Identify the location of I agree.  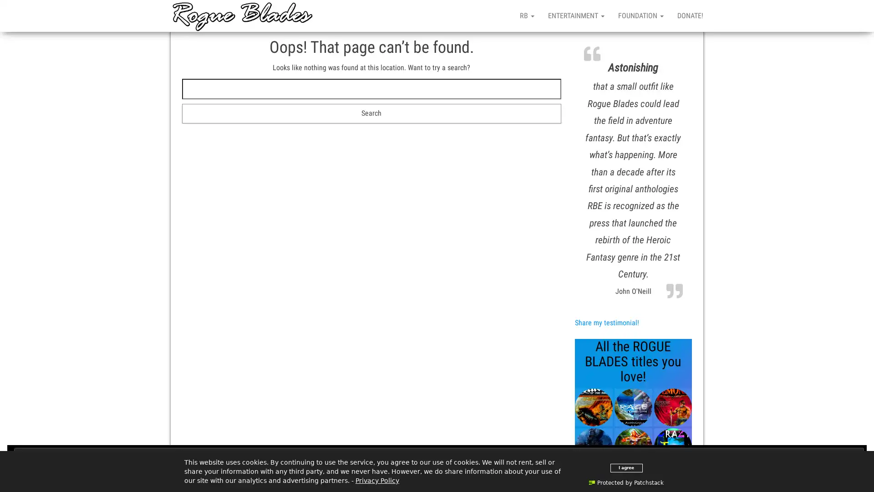
(625, 467).